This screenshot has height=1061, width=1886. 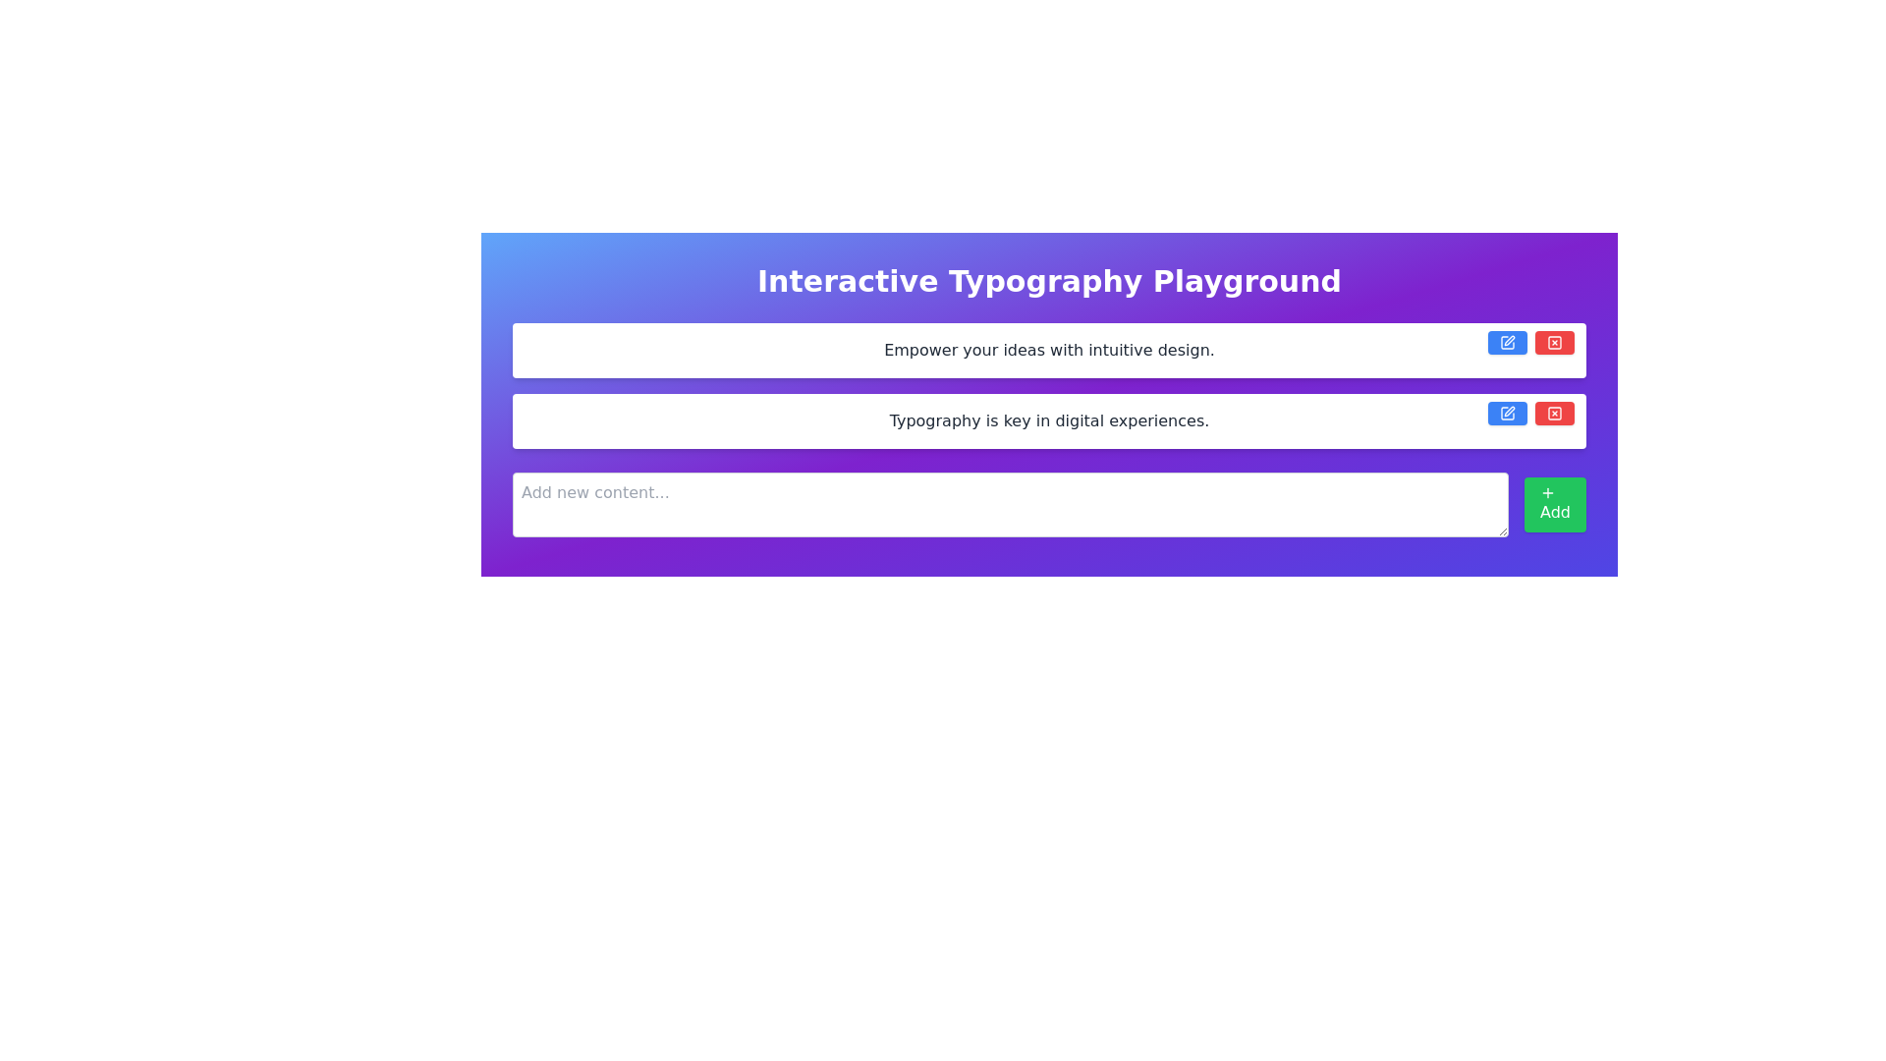 What do you see at coordinates (1554, 412) in the screenshot?
I see `the red delete button located to the right of the second input field labeled 'Typography is key in digital experiences'` at bounding box center [1554, 412].